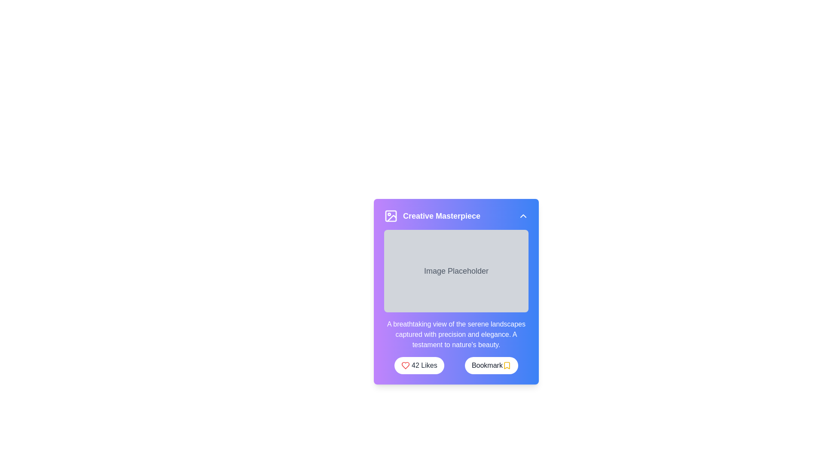  What do you see at coordinates (491, 366) in the screenshot?
I see `the bookmark button located to the right of the '42 Likes' button` at bounding box center [491, 366].